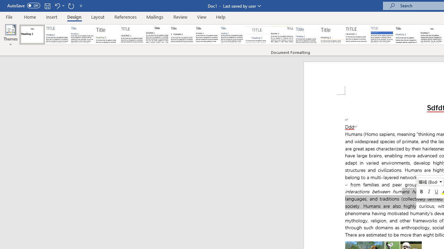  Describe the element at coordinates (59, 6) in the screenshot. I see `'Undo Italic'` at that location.